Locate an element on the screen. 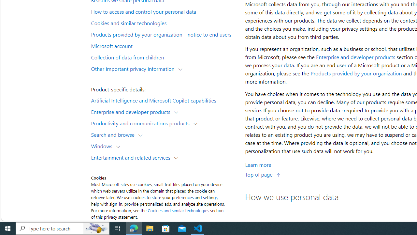 The height and width of the screenshot is (235, 417). 'Learn More about Personal data we collect' is located at coordinates (258, 164).